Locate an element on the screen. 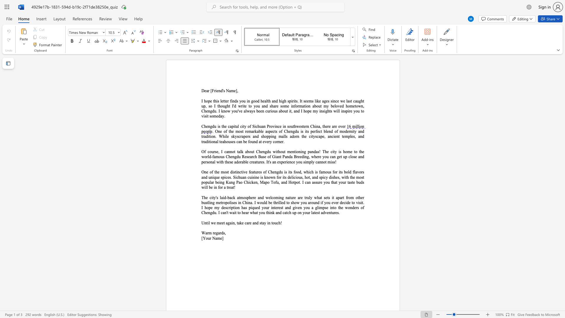 The height and width of the screenshot is (318, 565). the subset text "of the most distinctive features of Chengdu is its food, which is famous for its bold flavors and unique spices. Sichuan cuisine is known for its delicious, hot, and spicy dishe" within the text "One of the most distinctive features of Chengdu is its food, which is famous for its bold flavors and unique spices. Sichuan cuisine is known for its delicious, hot, and spicy dishes, with the most popular being Kung Pao Chicken, Mapo Tofu, and Hotpot. I can assure you that your taste buds will be in for a treat!" is located at coordinates (210, 172).